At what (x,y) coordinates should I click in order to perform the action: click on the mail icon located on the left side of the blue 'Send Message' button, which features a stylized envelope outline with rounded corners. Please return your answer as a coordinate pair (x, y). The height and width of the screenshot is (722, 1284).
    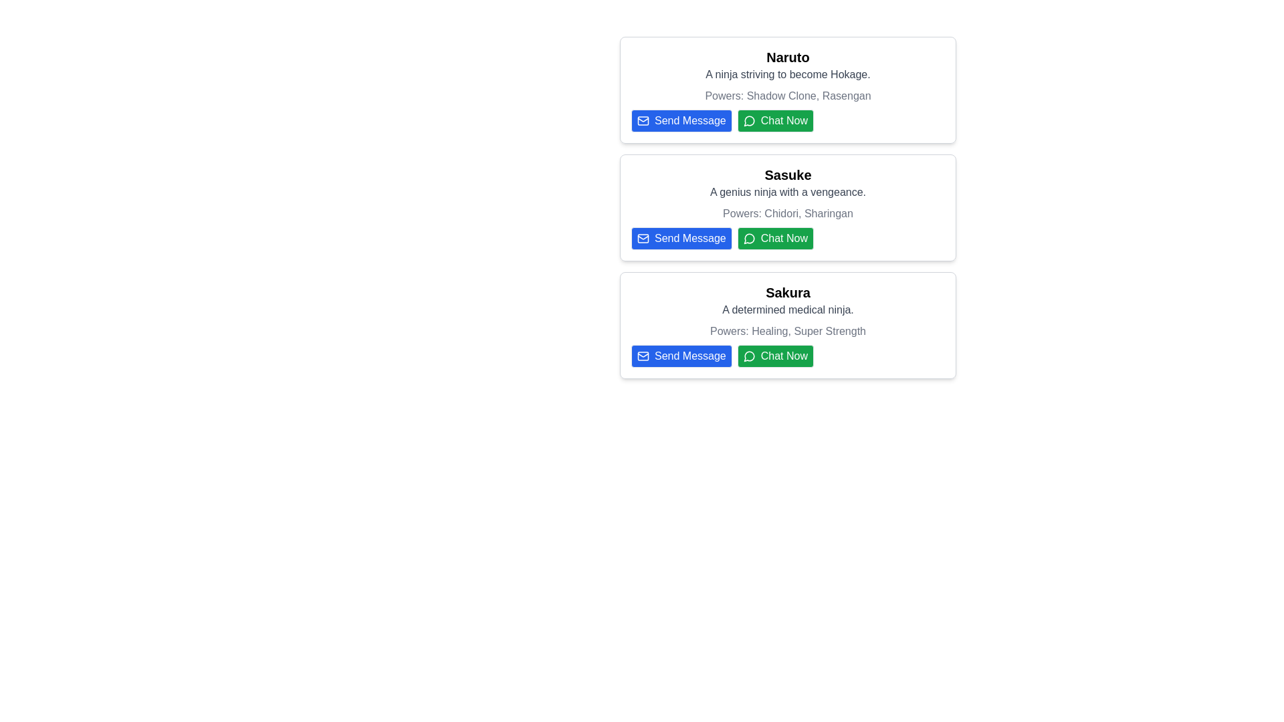
    Looking at the image, I should click on (643, 238).